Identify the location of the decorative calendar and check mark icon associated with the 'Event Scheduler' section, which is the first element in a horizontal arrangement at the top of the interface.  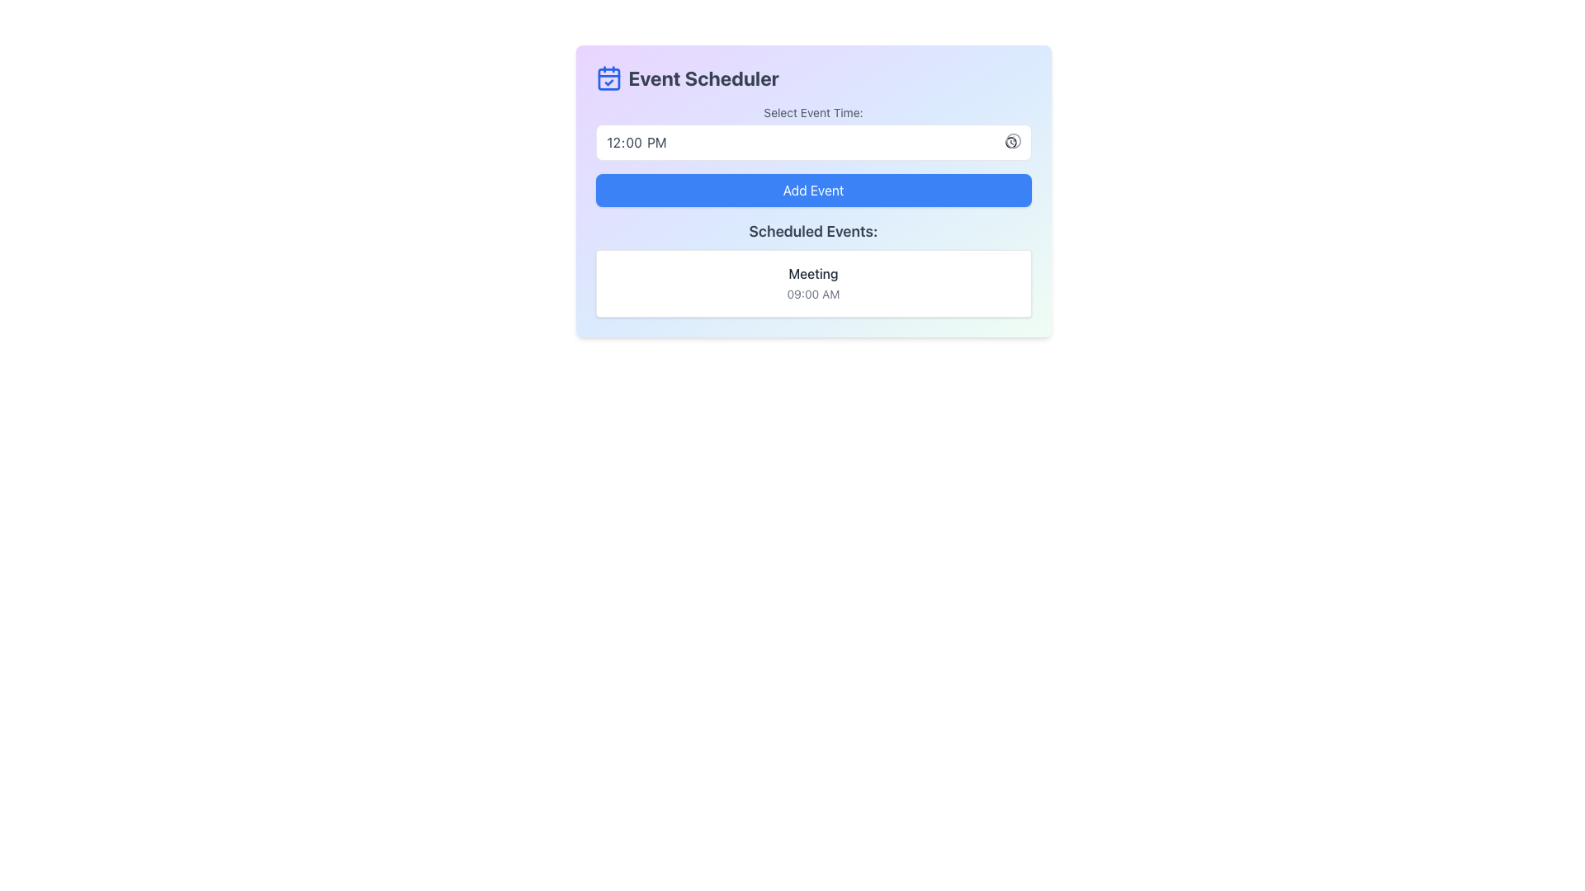
(608, 78).